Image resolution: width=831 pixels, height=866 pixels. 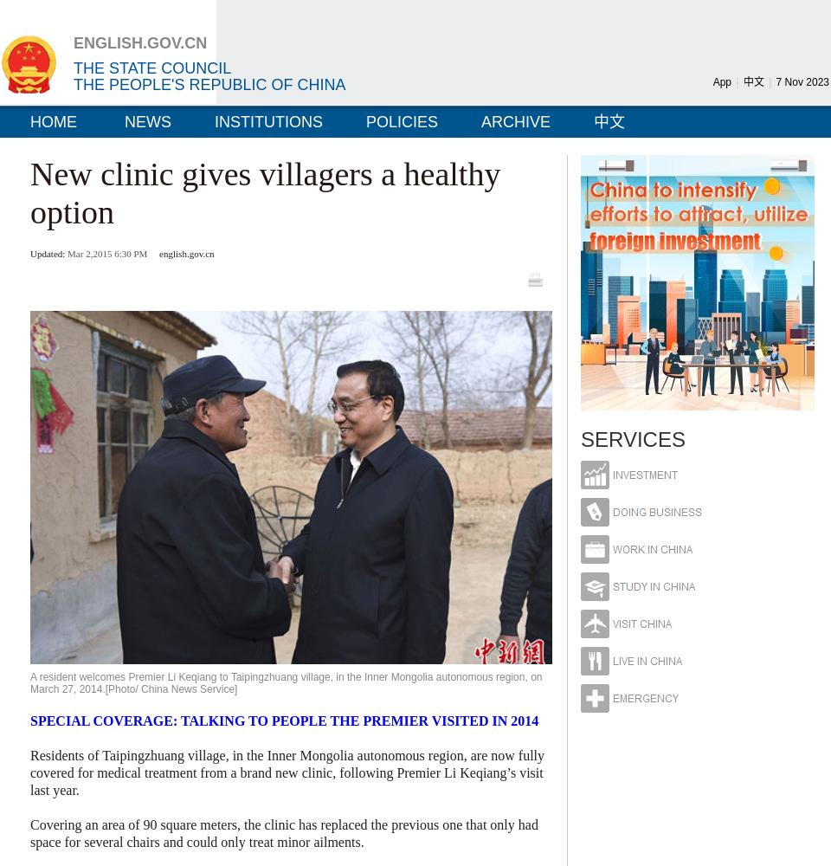 I want to click on 'Covering an area of 90 square meters, the clinic has replaced the previous one that only had space for several chairs and could only treat minor ailments.', so click(x=284, y=832).